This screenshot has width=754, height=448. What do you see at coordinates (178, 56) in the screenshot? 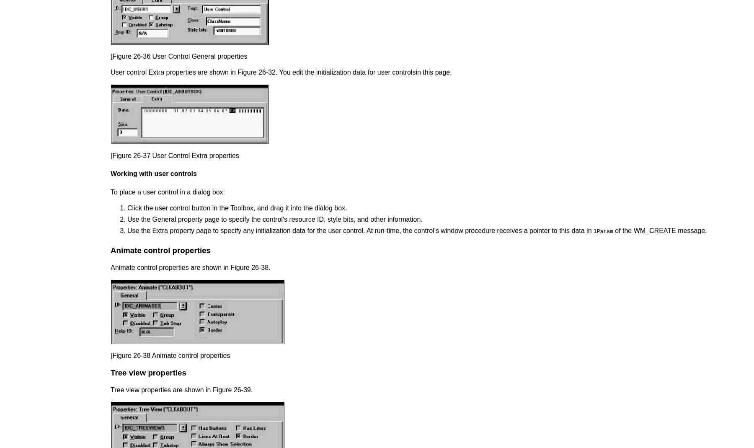
I see `'[Figure 26-36 User Control General properties'` at bounding box center [178, 56].